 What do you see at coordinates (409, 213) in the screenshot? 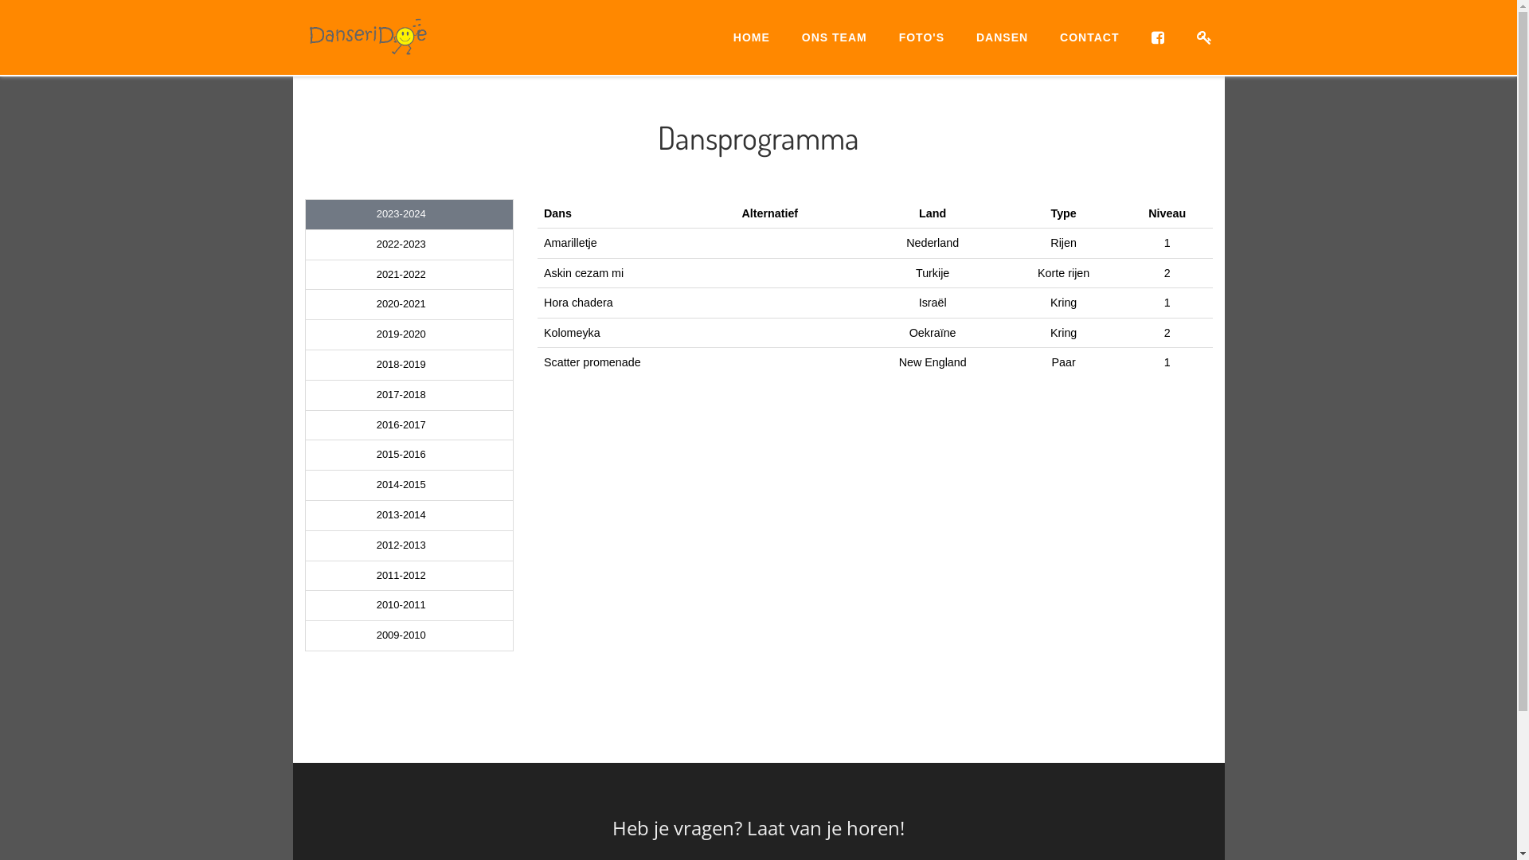
I see `'2023-2024'` at bounding box center [409, 213].